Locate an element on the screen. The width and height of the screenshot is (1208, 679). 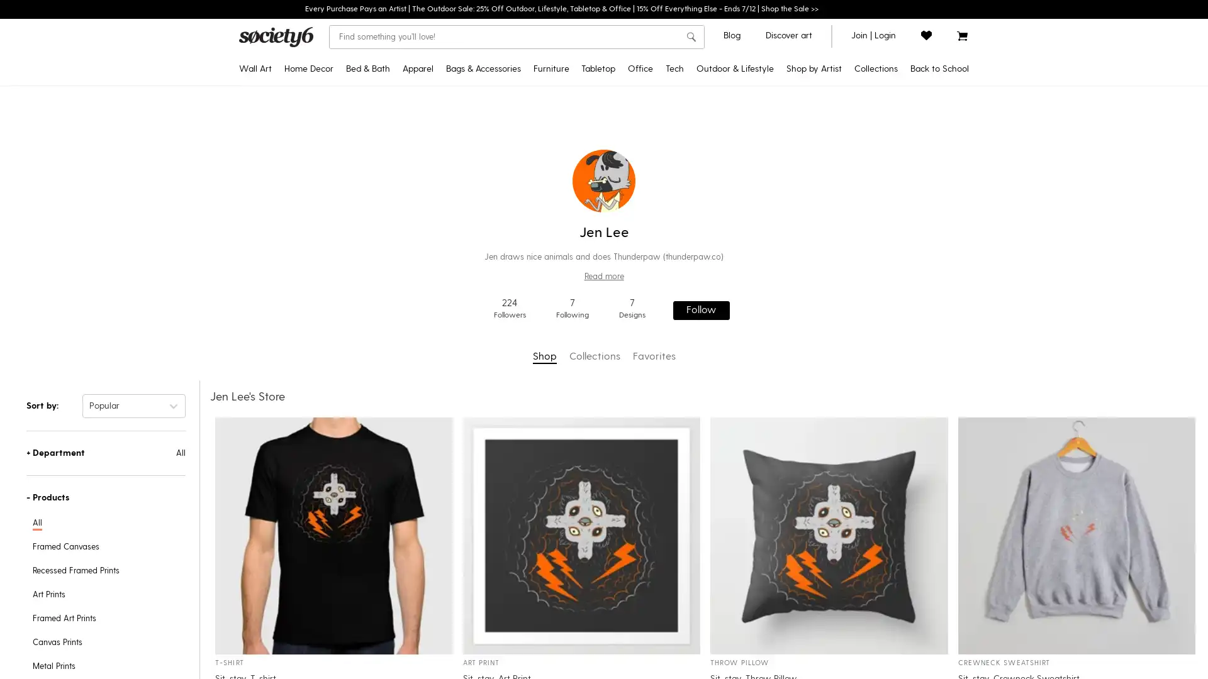
Serving Trays is located at coordinates (622, 283).